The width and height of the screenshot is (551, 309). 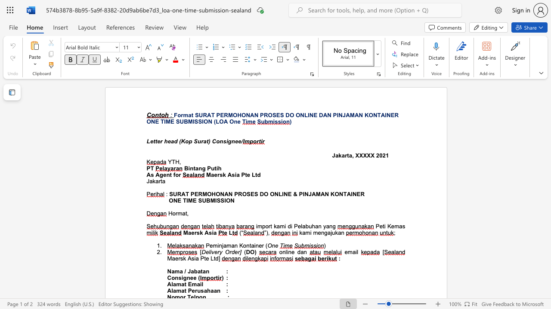 I want to click on the subset text "njaman Kontainer" within the text "Peminjaman Kontainer", so click(x=219, y=245).